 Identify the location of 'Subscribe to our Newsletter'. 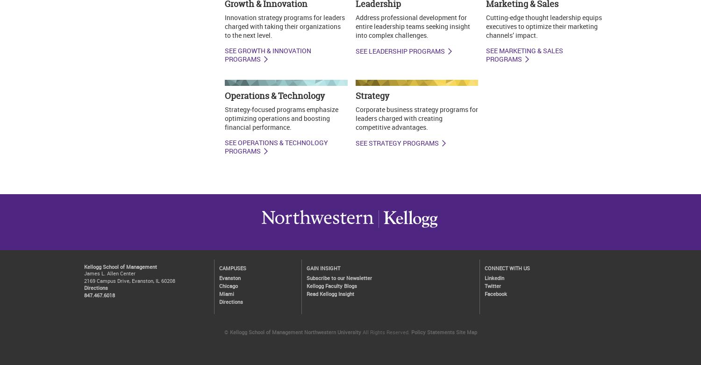
(306, 277).